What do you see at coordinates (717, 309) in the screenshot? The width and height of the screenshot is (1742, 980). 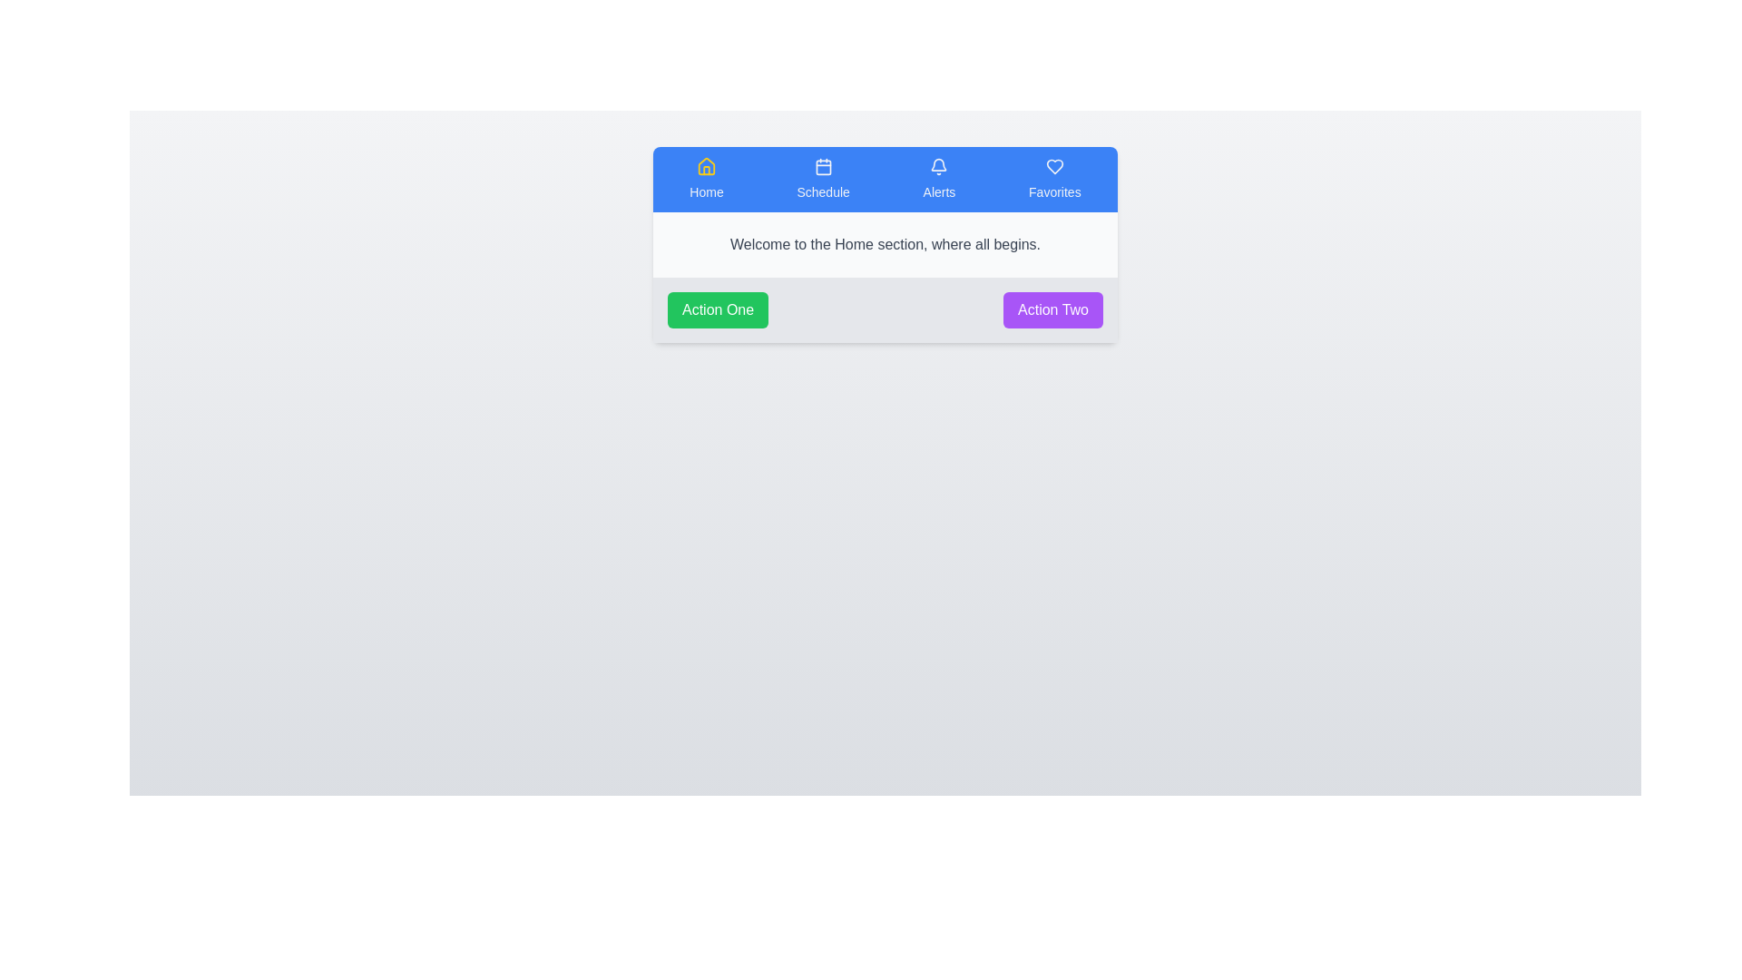 I see `the action button Action One` at bounding box center [717, 309].